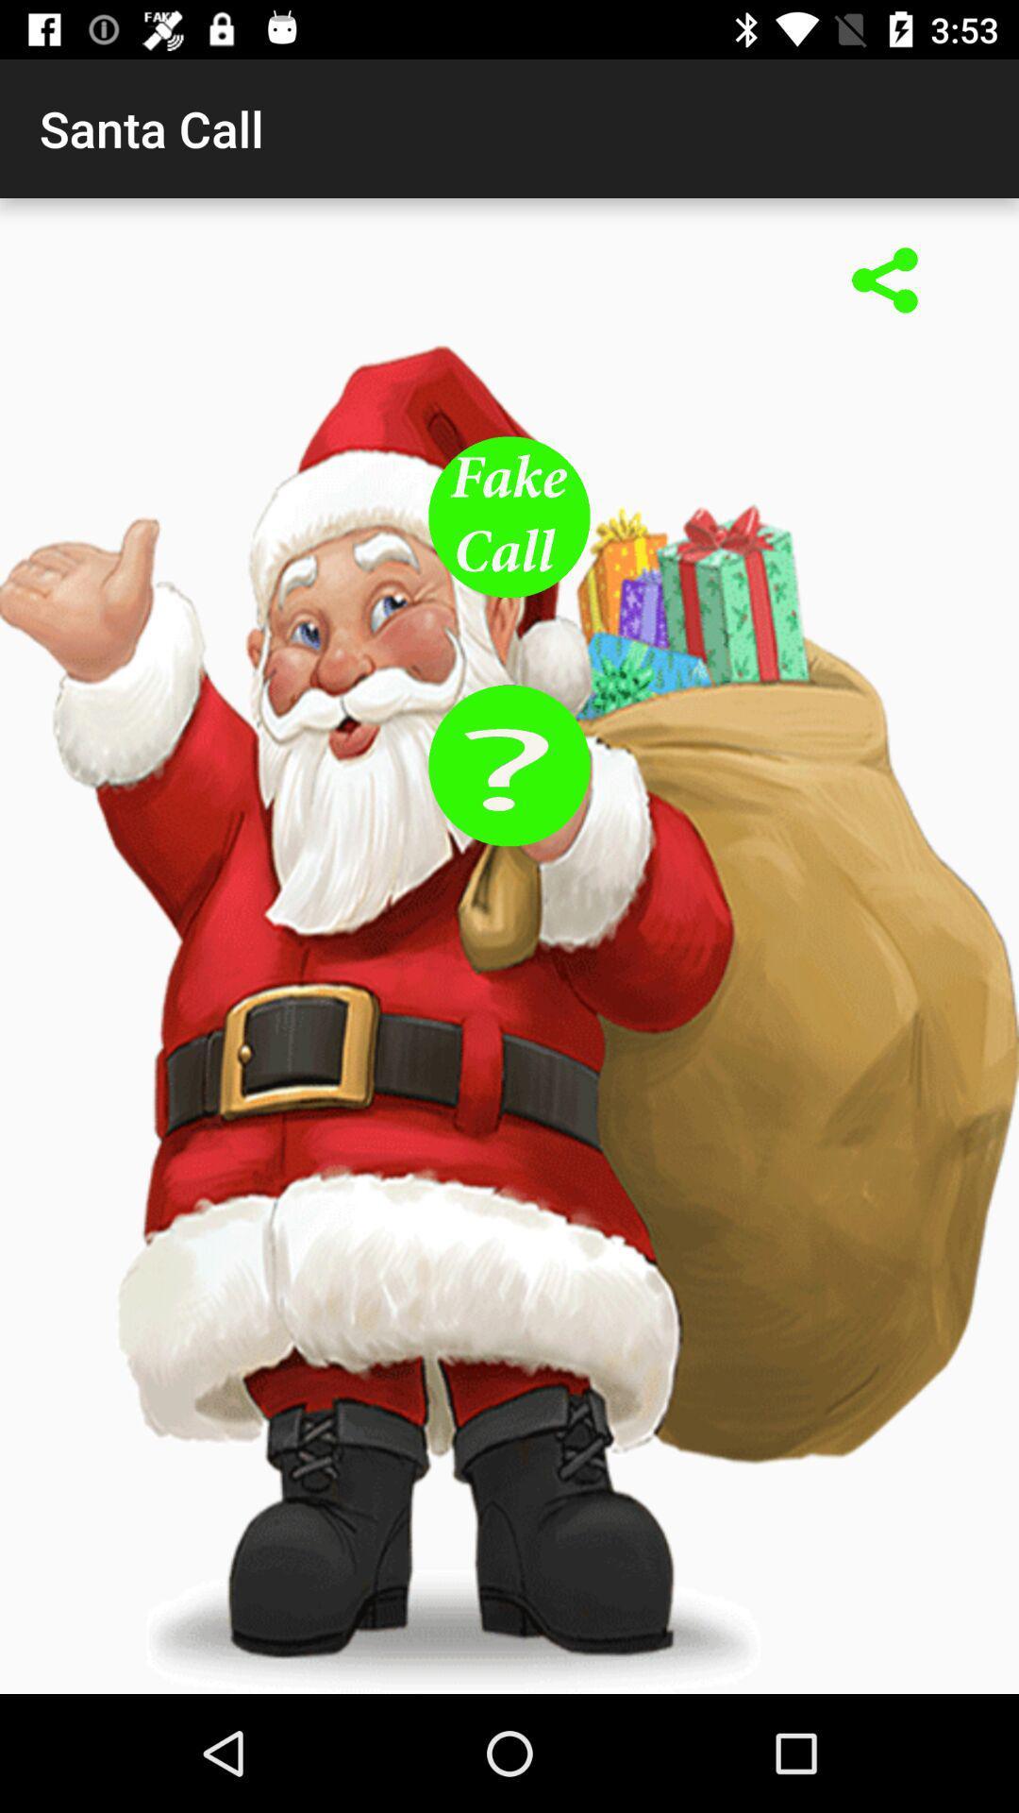 The height and width of the screenshot is (1813, 1019). Describe the element at coordinates (509, 517) in the screenshot. I see `request fake call` at that location.